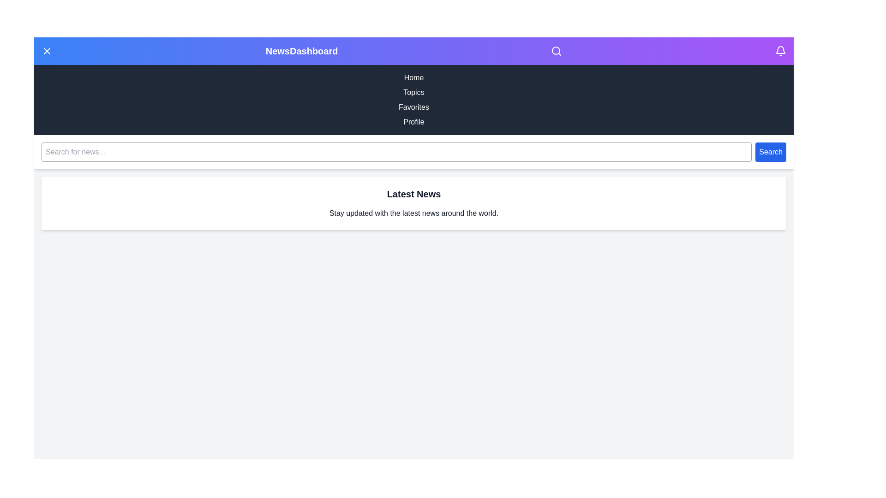 The height and width of the screenshot is (498, 886). What do you see at coordinates (780, 51) in the screenshot?
I see `the notification bell icon to open the notifications panel` at bounding box center [780, 51].